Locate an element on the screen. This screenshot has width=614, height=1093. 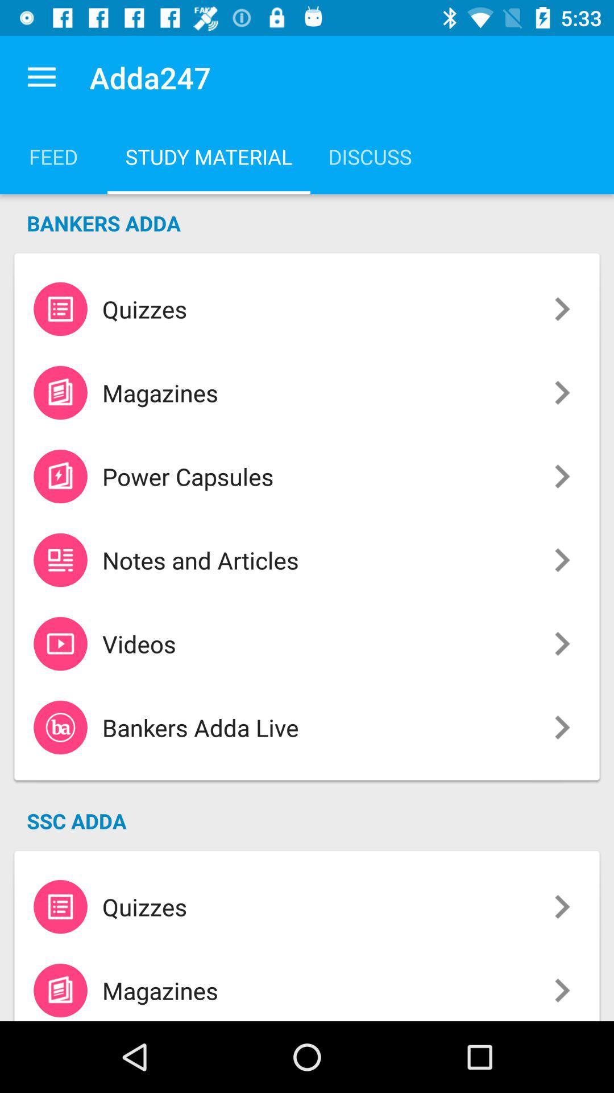
the first arrow which is next to quizzes is located at coordinates (562, 309).